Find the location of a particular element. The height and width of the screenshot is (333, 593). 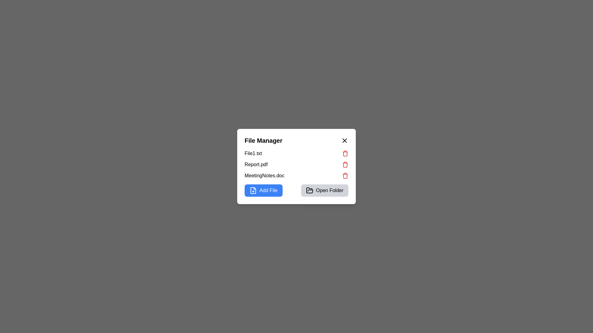

the red trash bin icon styled as a minimalistic vector design is located at coordinates (345, 153).